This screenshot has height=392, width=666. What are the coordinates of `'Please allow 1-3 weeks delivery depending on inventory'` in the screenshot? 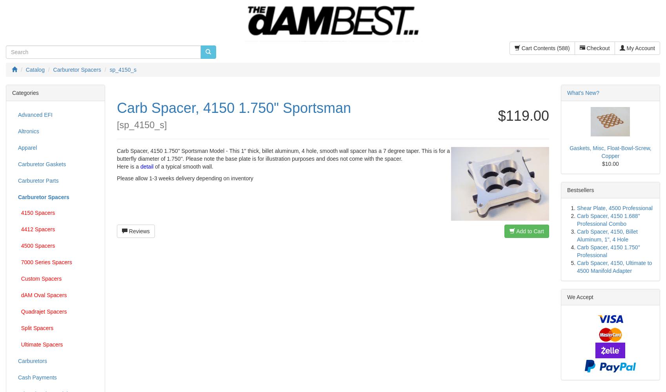 It's located at (184, 178).